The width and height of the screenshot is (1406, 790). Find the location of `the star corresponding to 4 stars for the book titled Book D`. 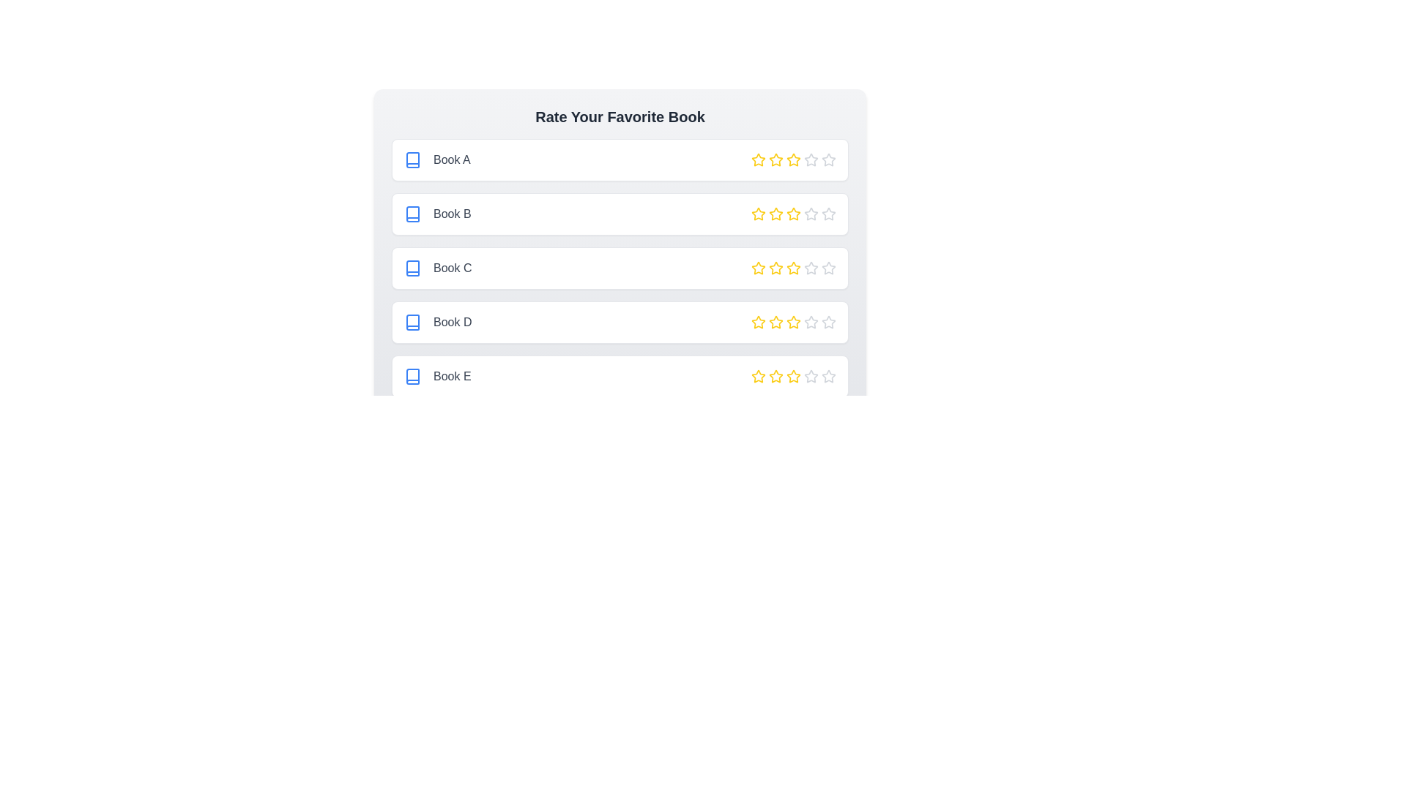

the star corresponding to 4 stars for the book titled Book D is located at coordinates (811, 321).